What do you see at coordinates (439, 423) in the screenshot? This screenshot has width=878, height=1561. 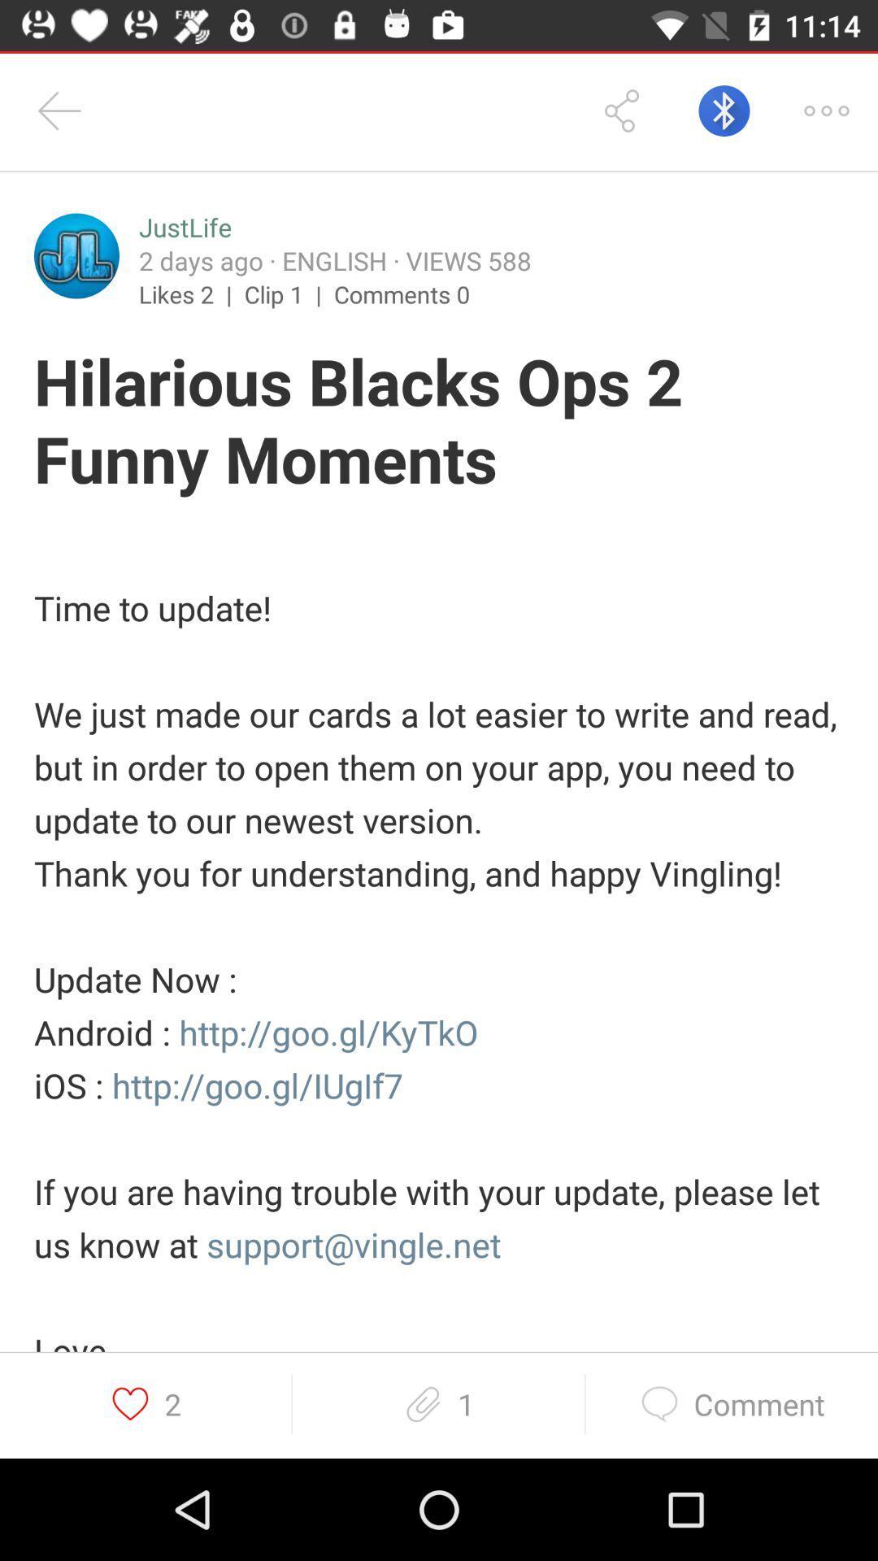 I see `the icon below likes 2  |   icon` at bounding box center [439, 423].